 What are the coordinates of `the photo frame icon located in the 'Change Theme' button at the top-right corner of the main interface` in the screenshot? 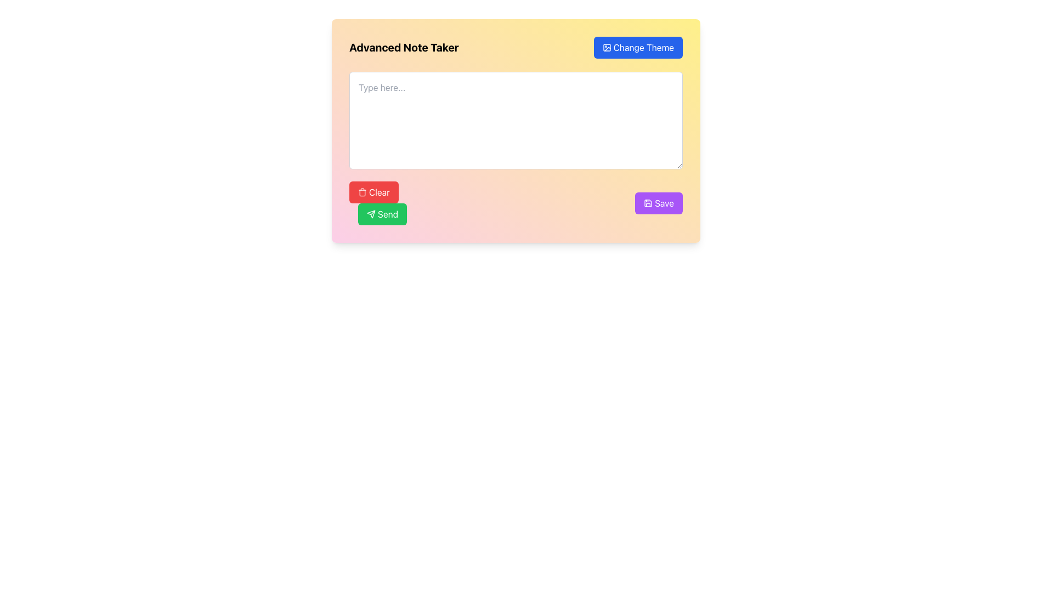 It's located at (606, 47).